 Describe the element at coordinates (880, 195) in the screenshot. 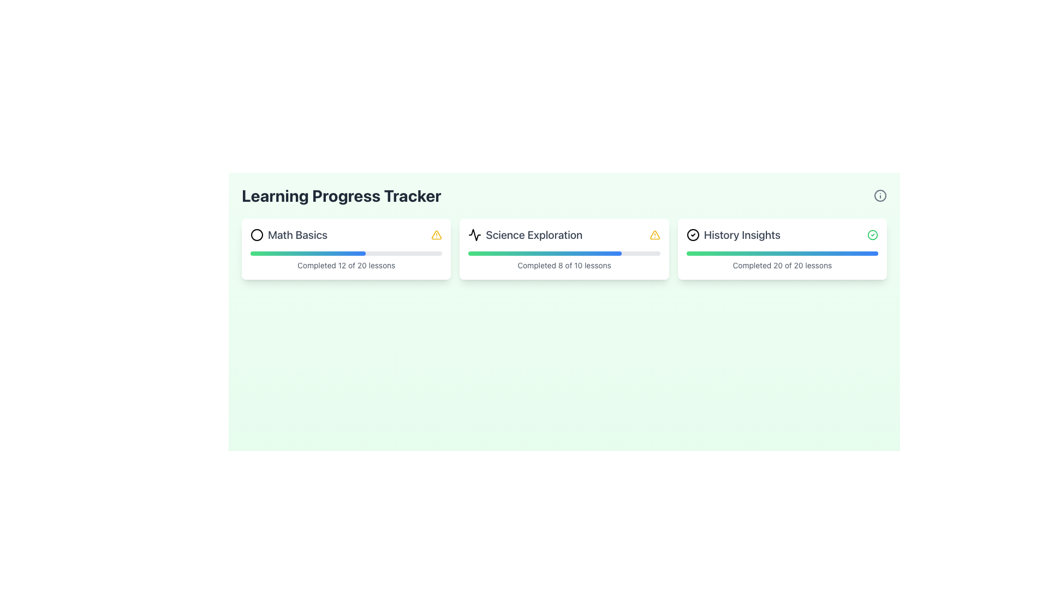

I see `the informational help icon located to the far right of the 'Learning Progress Tracker' header` at that location.